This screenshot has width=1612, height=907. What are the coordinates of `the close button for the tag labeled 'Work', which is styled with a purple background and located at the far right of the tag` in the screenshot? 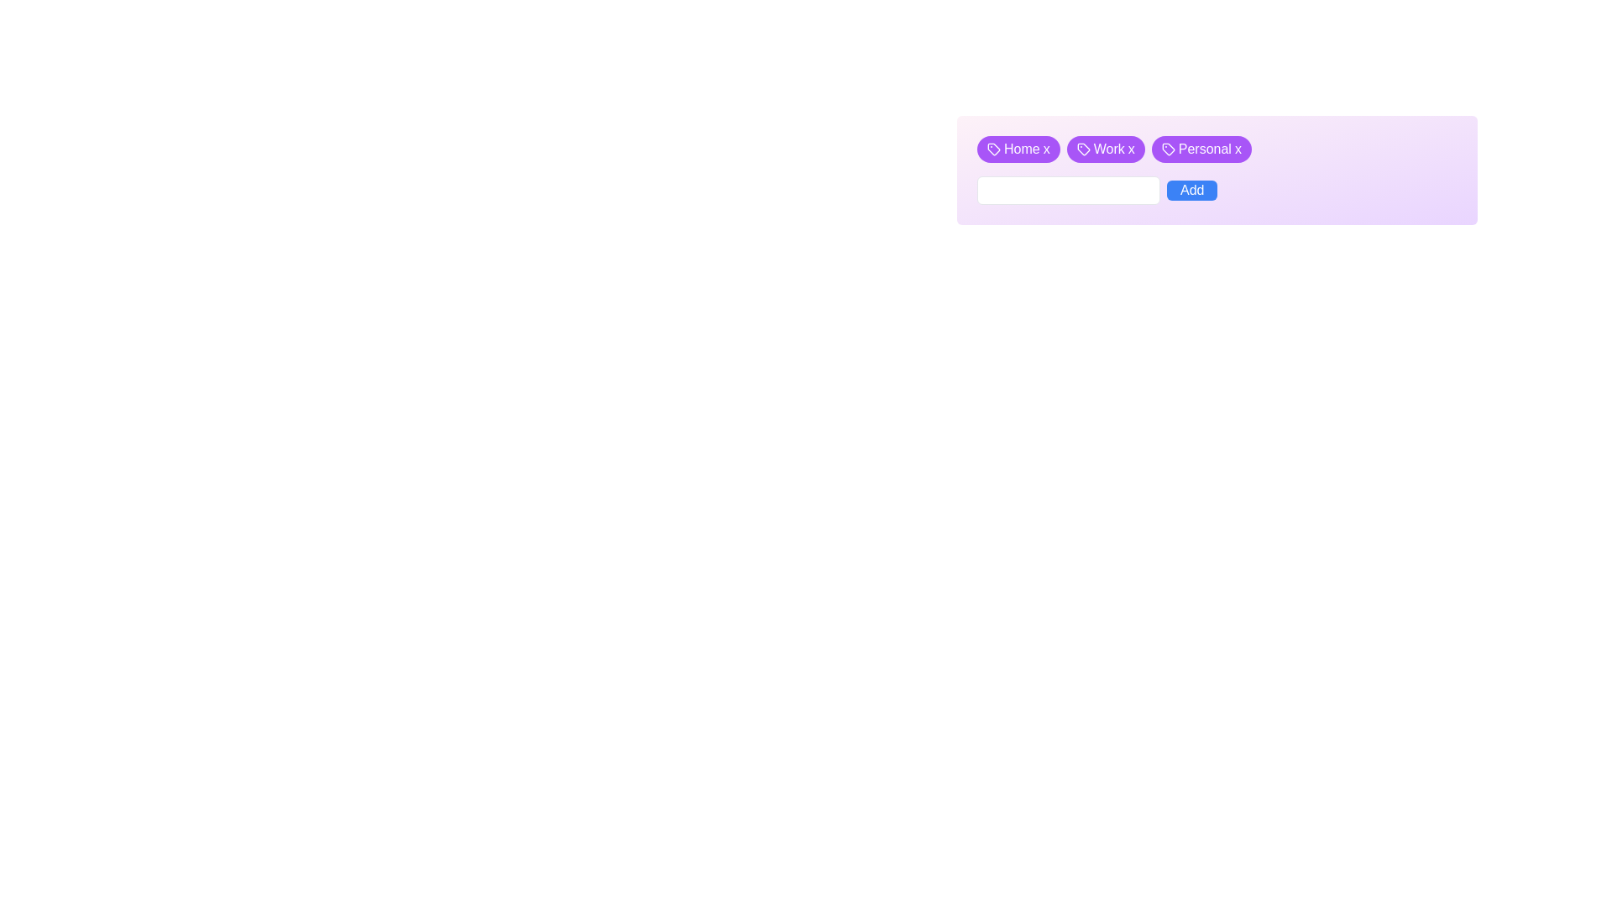 It's located at (1131, 148).